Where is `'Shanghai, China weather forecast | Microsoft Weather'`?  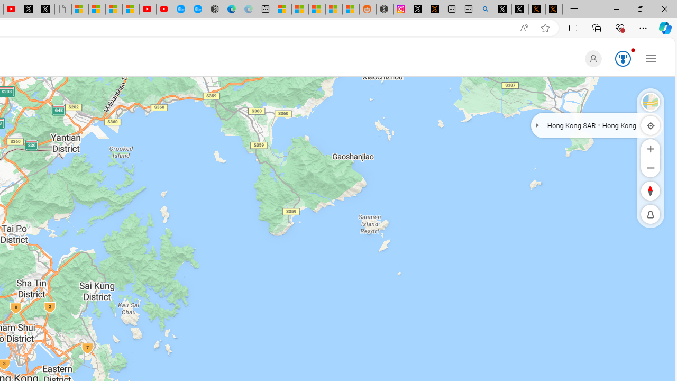
'Shanghai, China weather forecast | Microsoft Weather' is located at coordinates (299, 9).